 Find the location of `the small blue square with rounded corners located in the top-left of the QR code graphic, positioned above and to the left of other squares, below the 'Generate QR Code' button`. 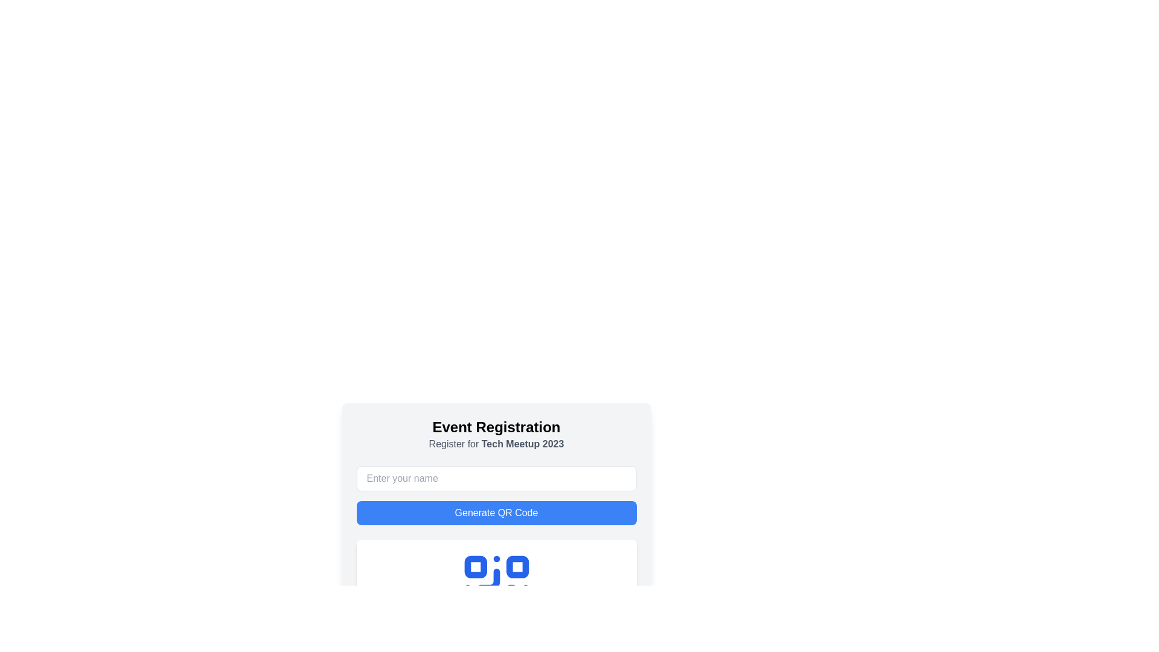

the small blue square with rounded corners located in the top-left of the QR code graphic, positioned above and to the left of other squares, below the 'Generate QR Code' button is located at coordinates (474, 567).